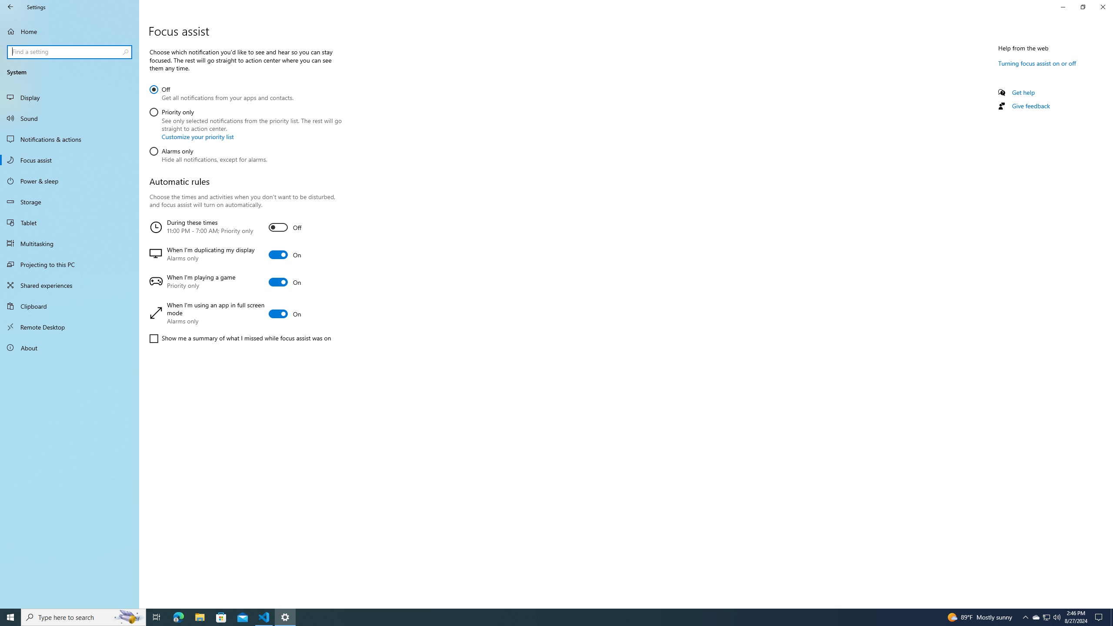  I want to click on 'About', so click(69, 347).